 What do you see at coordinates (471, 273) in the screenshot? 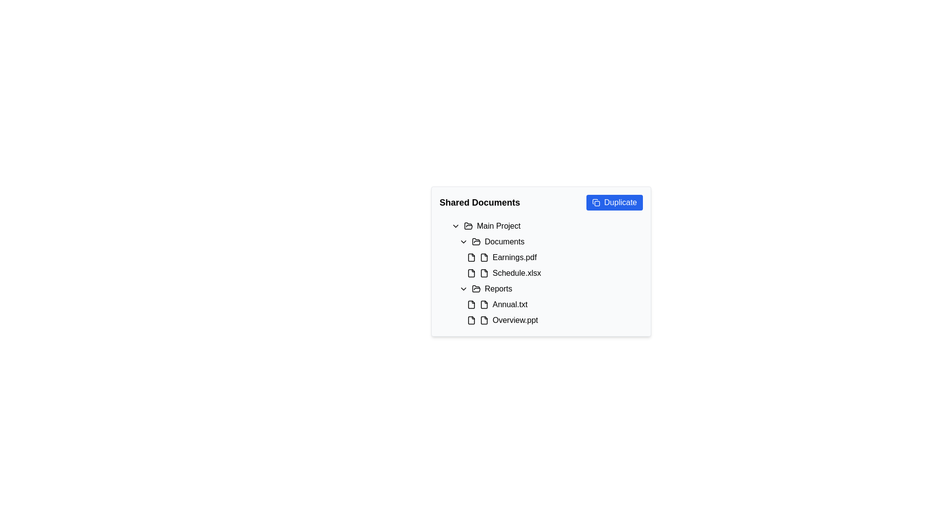
I see `the icon representing the file 'Schedule.xlsx' located in the 'Shared Documents' section, adjacent to its label` at bounding box center [471, 273].